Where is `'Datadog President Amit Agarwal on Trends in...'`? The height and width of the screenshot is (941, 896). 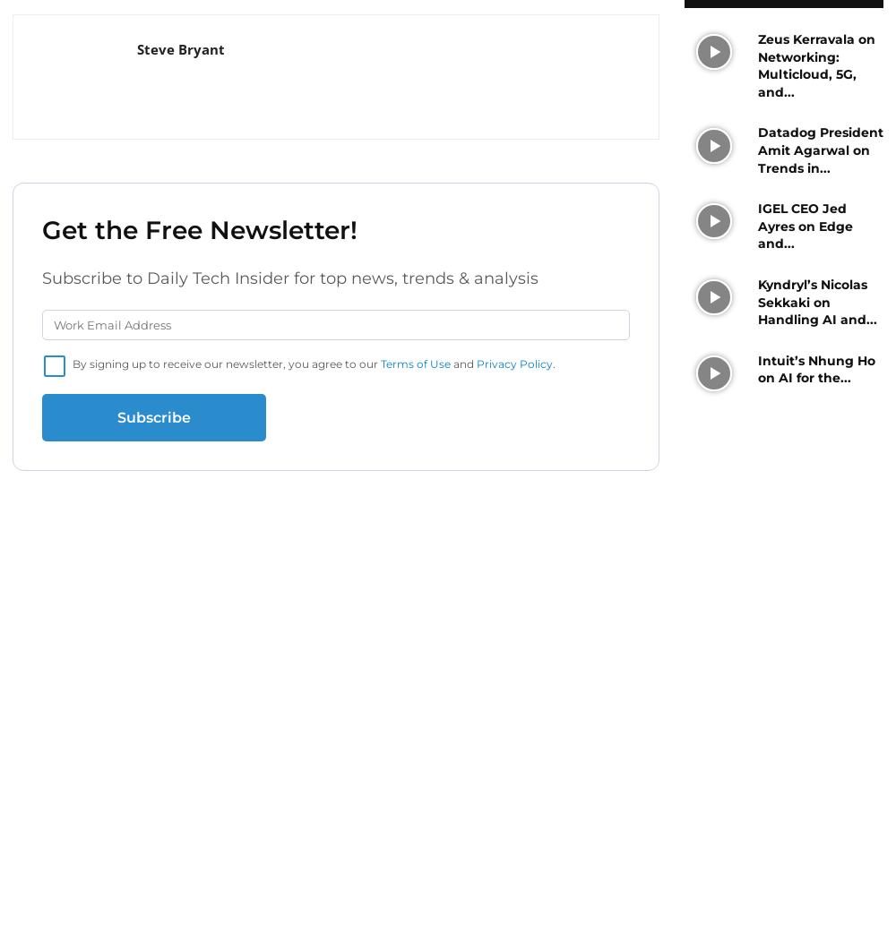 'Datadog President Amit Agarwal on Trends in...' is located at coordinates (820, 150).